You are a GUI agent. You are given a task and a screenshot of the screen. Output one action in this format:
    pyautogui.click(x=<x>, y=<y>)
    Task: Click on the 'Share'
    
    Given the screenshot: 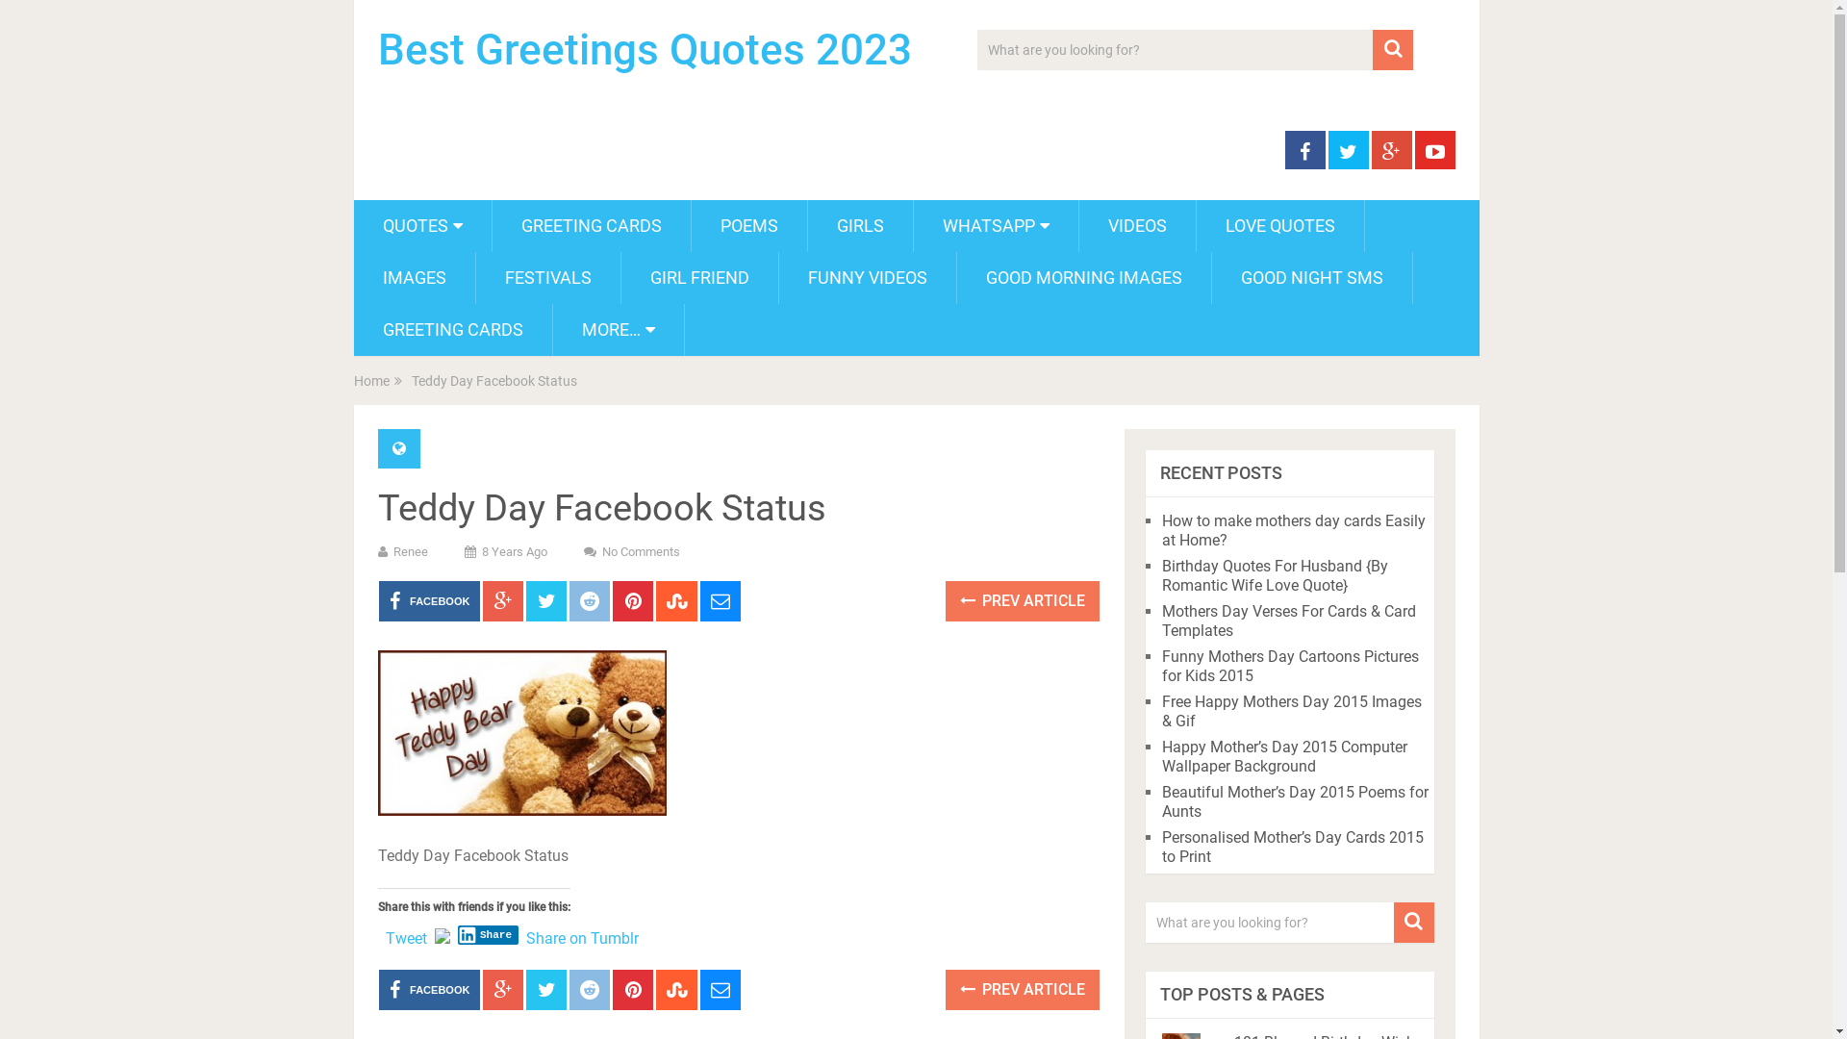 What is the action you would take?
    pyautogui.click(x=489, y=934)
    